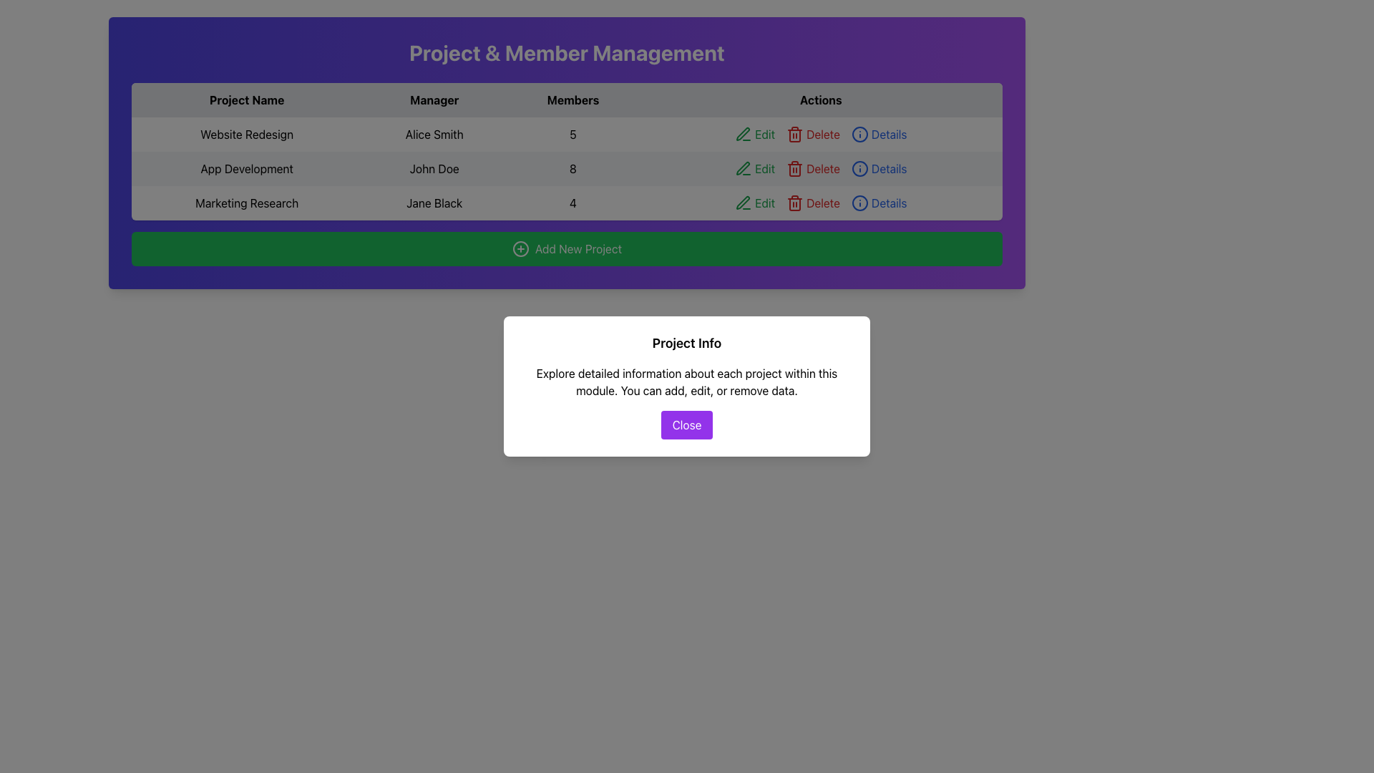 This screenshot has height=773, width=1374. I want to click on the 'Project Info' text header, which is styled with a larger font size, bold weight, and black color, located at the top center of the modal dialog box, so click(687, 343).